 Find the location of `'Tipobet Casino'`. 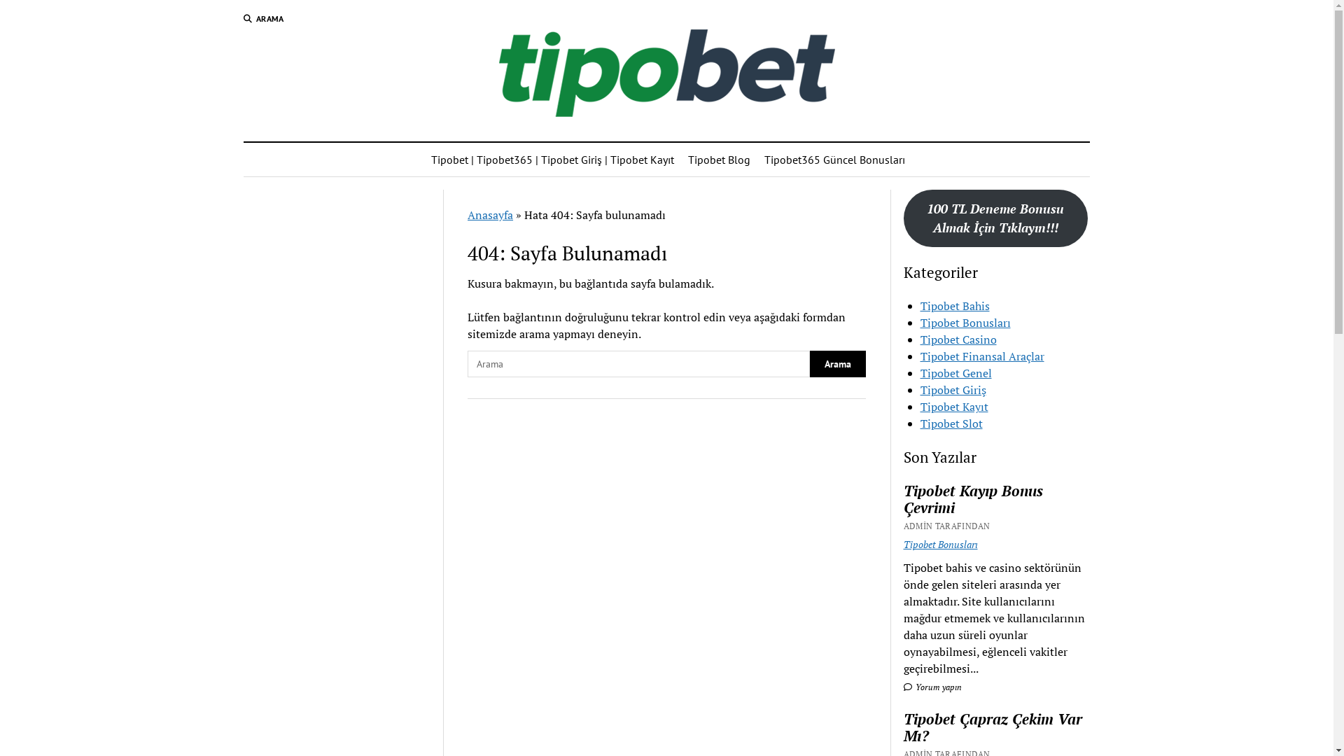

'Tipobet Casino' is located at coordinates (920, 339).